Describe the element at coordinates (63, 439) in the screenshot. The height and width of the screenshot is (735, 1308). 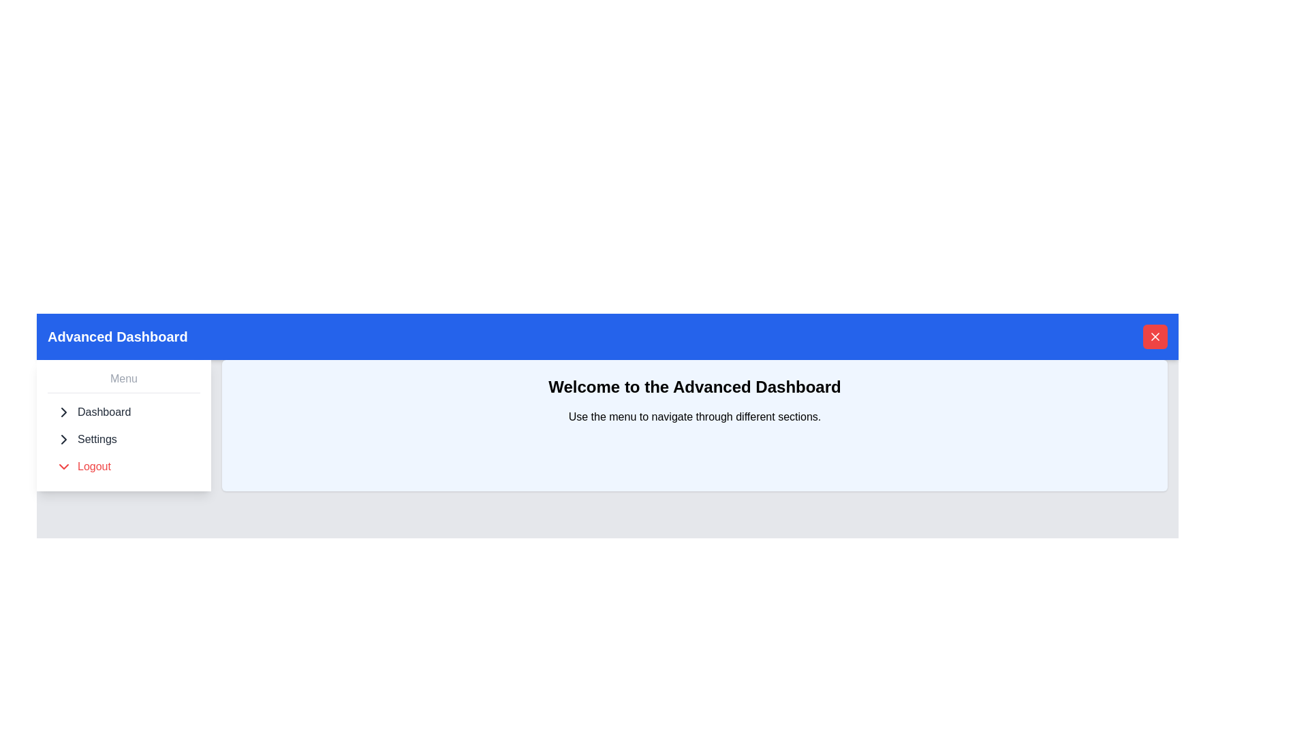
I see `the rightward-pointing chevron icon located next to the 'Settings' text in the side navigation panel to interact with or expand it` at that location.